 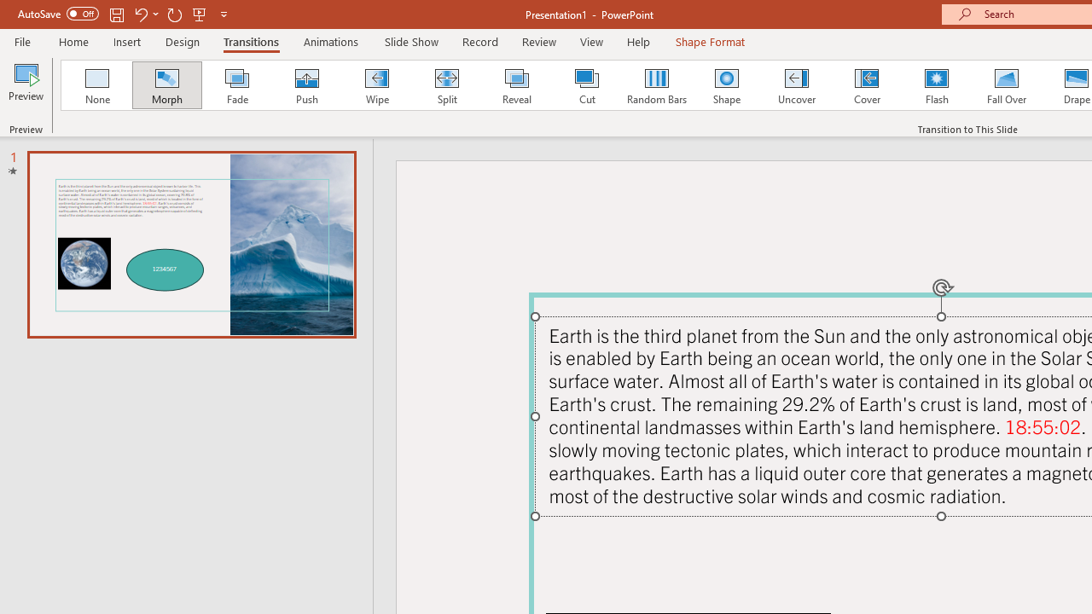 I want to click on 'Reveal', so click(x=515, y=85).